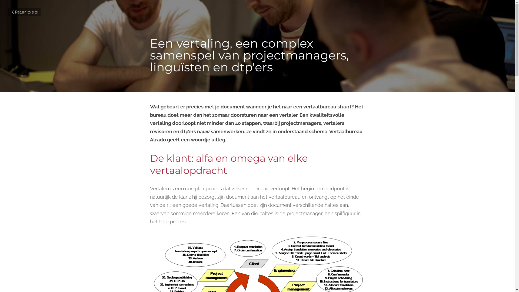  Describe the element at coordinates (24, 12) in the screenshot. I see `'Return to site'` at that location.